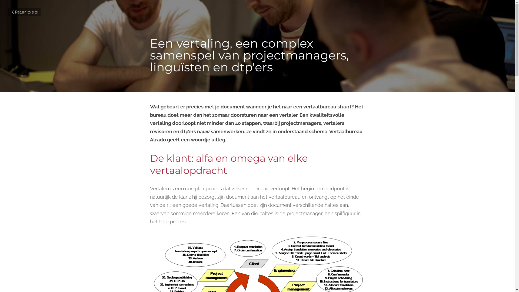  Describe the element at coordinates (24, 12) in the screenshot. I see `'Return to site'` at that location.